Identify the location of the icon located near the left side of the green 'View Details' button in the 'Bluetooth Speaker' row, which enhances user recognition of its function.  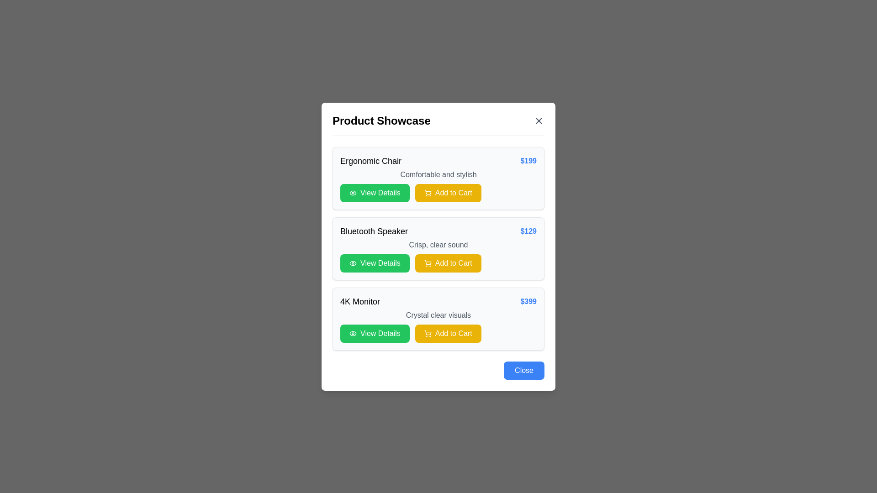
(352, 263).